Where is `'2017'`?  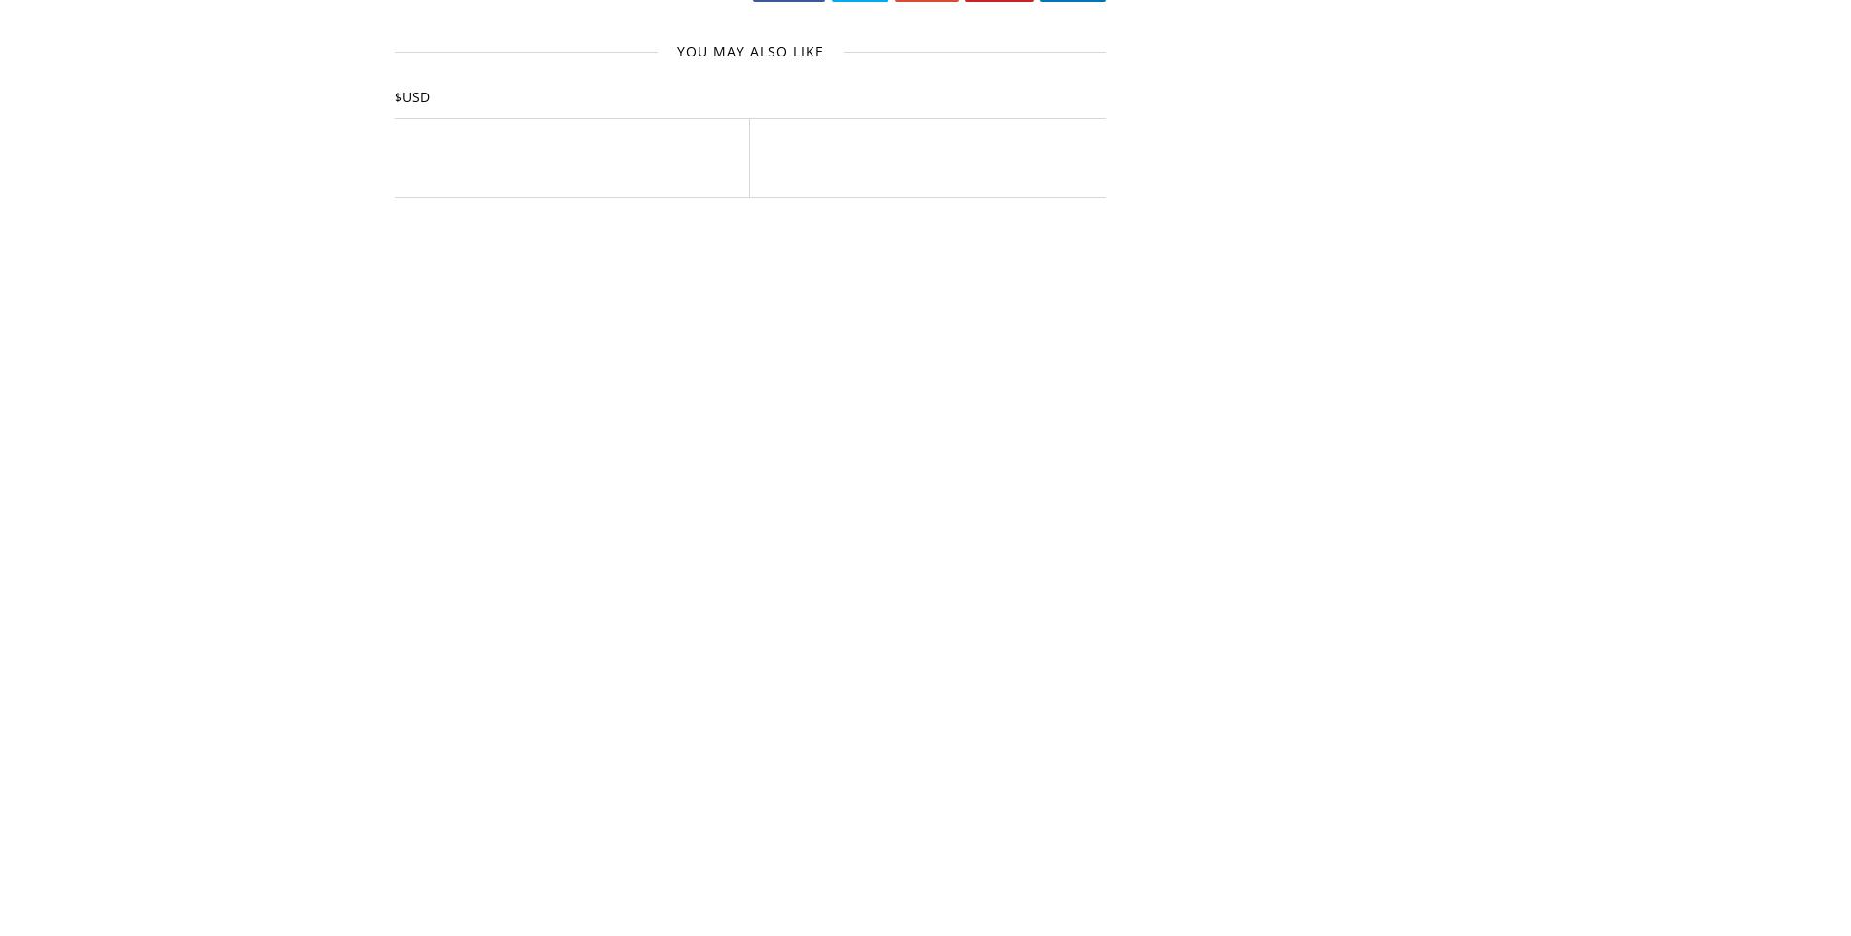
'2017' is located at coordinates (1210, 586).